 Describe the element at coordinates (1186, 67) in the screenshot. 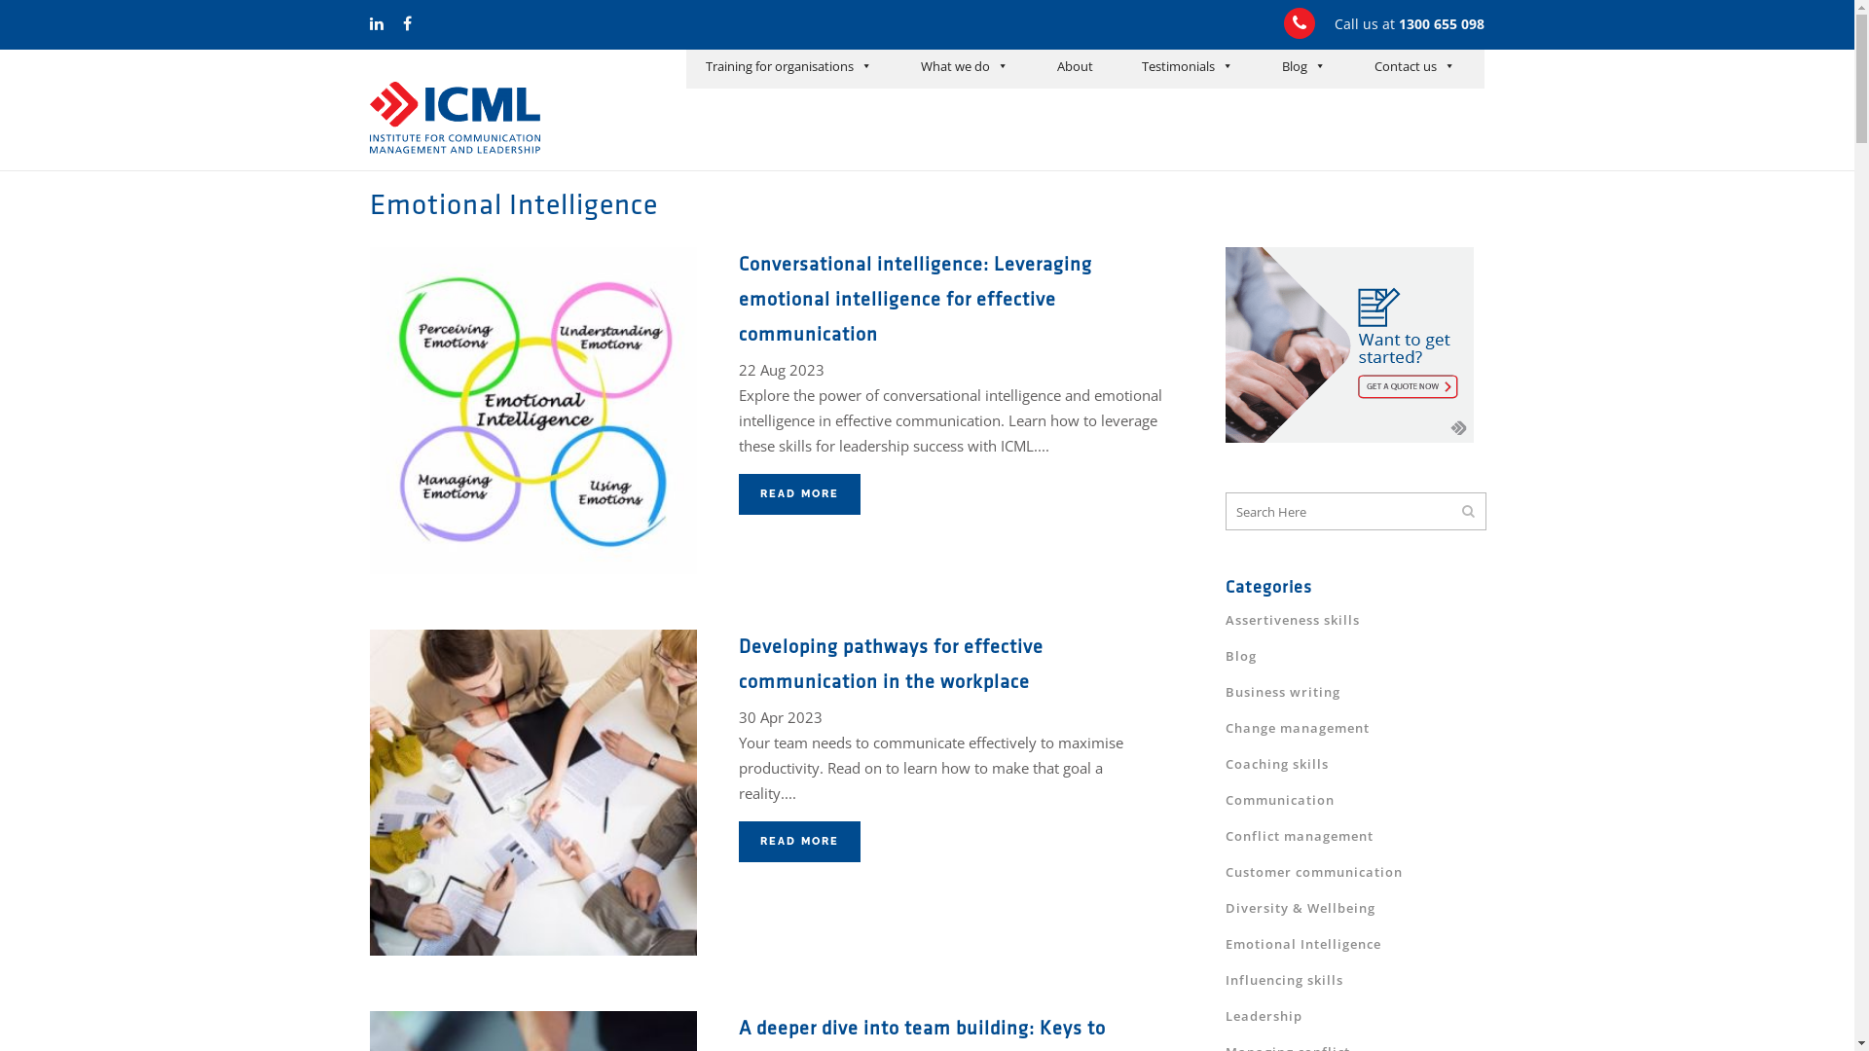

I see `'Testimonials'` at that location.